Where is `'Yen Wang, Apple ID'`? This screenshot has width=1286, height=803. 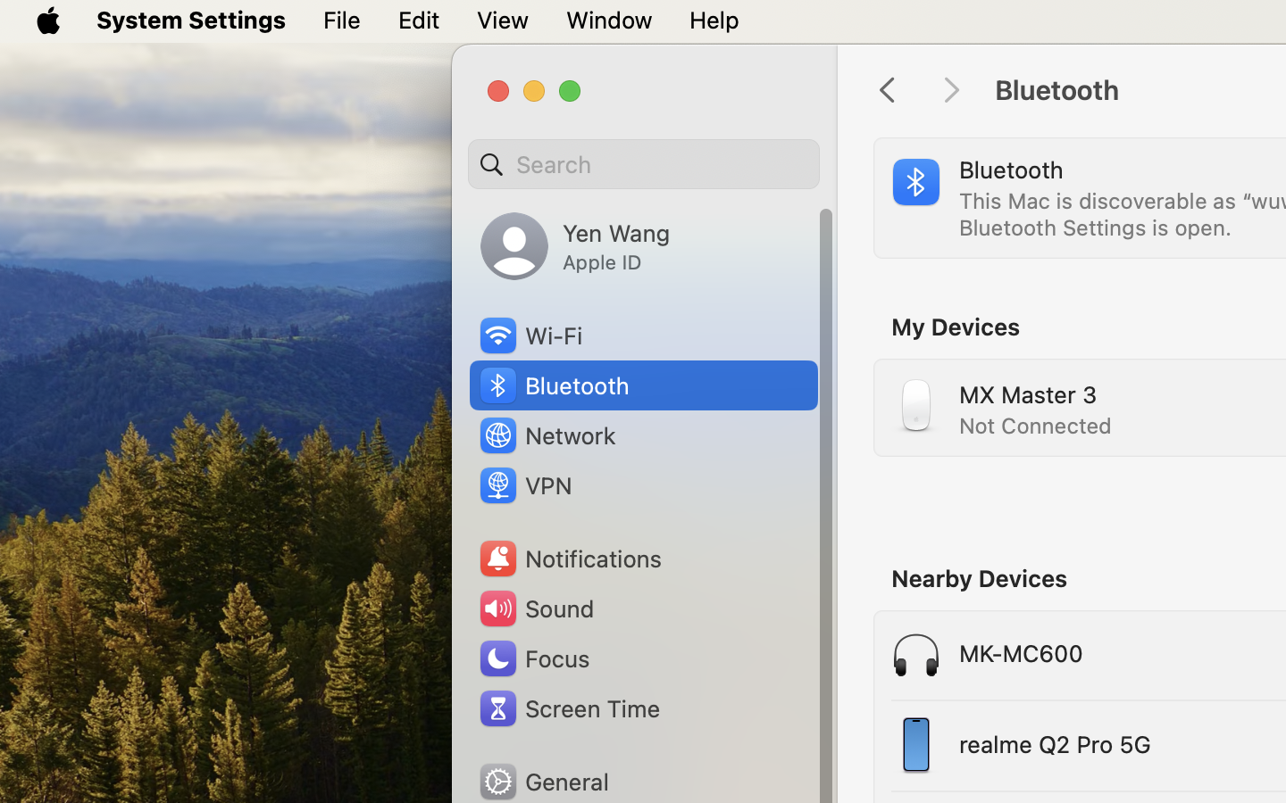 'Yen Wang, Apple ID' is located at coordinates (573, 245).